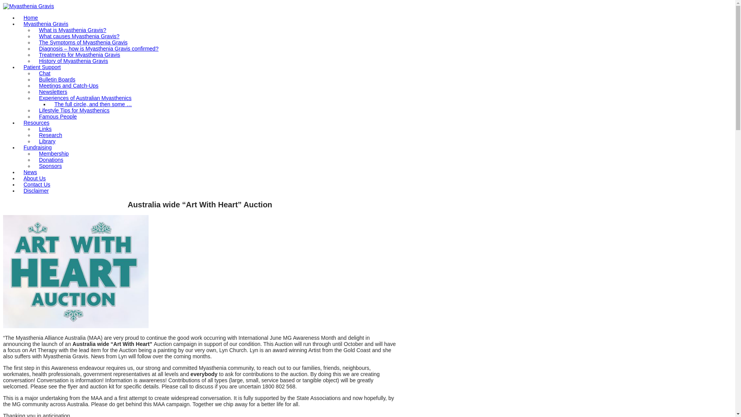 The image size is (741, 417). I want to click on 'Links', so click(45, 129).